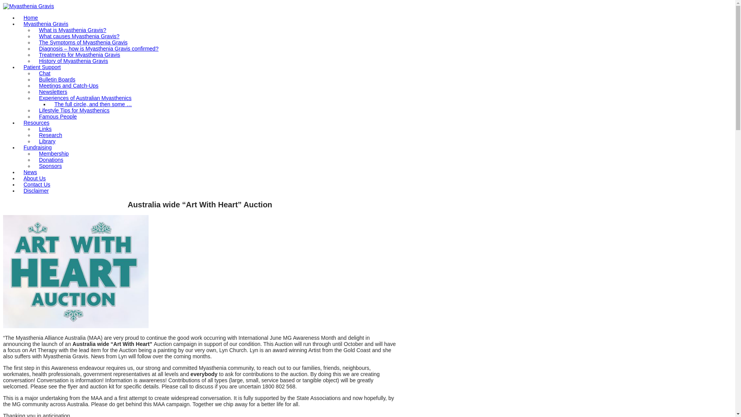 The image size is (741, 417). I want to click on 'Links', so click(45, 129).